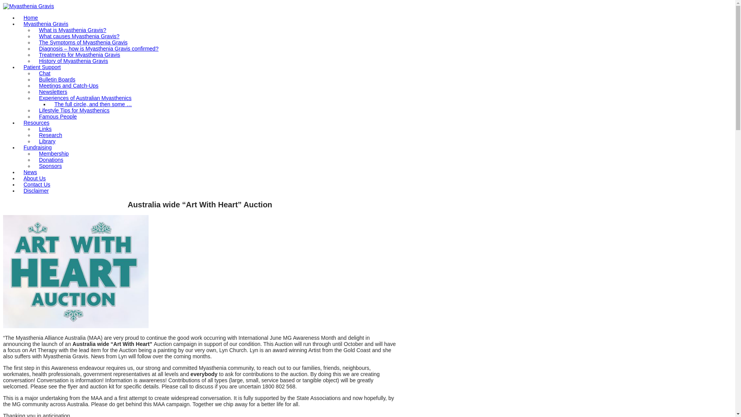 The image size is (741, 417). I want to click on 'Links', so click(45, 129).